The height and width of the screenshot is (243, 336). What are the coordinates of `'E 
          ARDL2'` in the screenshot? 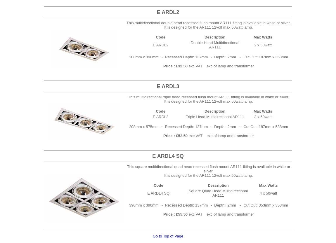 It's located at (168, 12).